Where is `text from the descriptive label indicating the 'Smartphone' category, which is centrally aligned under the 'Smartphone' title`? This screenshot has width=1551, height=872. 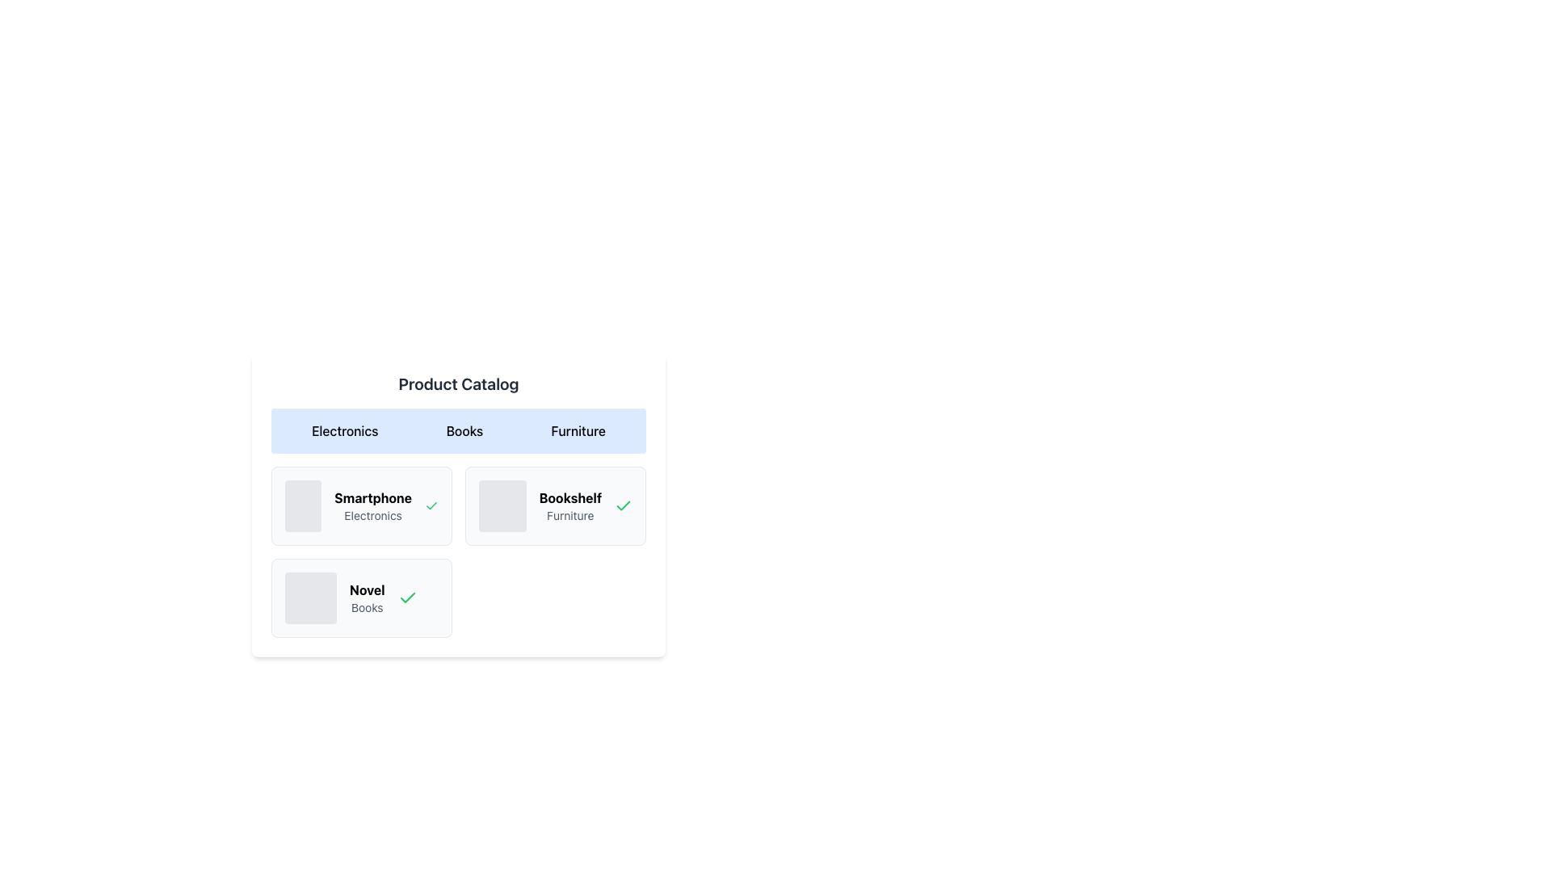 text from the descriptive label indicating the 'Smartphone' category, which is centrally aligned under the 'Smartphone' title is located at coordinates (372, 516).